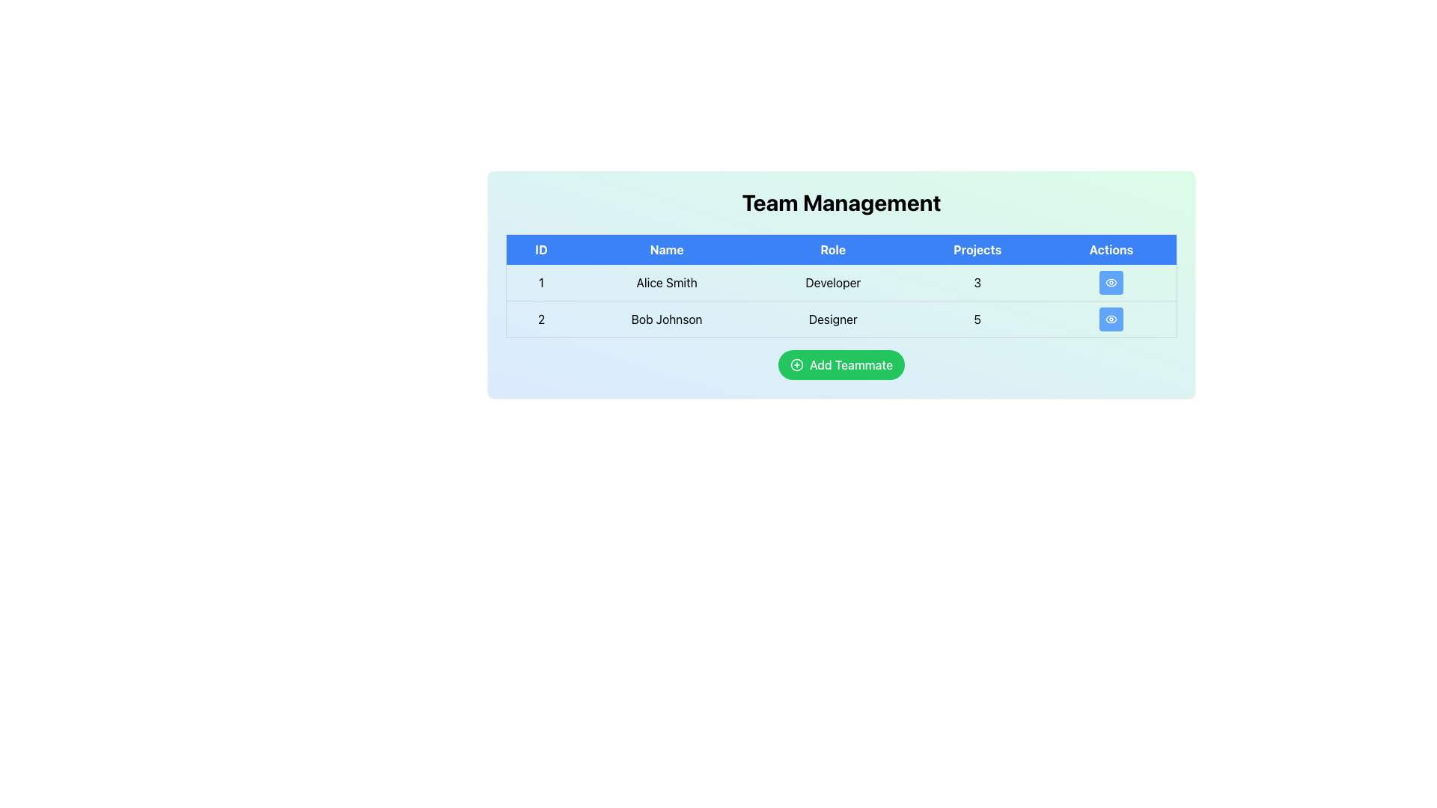 Image resolution: width=1437 pixels, height=808 pixels. What do you see at coordinates (832, 319) in the screenshot?
I see `the 'Designer' text label in the 'Role' column of the table corresponding to 'Bob Johnson'` at bounding box center [832, 319].